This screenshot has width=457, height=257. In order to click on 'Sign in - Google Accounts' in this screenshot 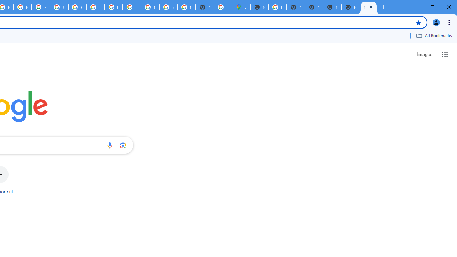, I will do `click(168, 7)`.